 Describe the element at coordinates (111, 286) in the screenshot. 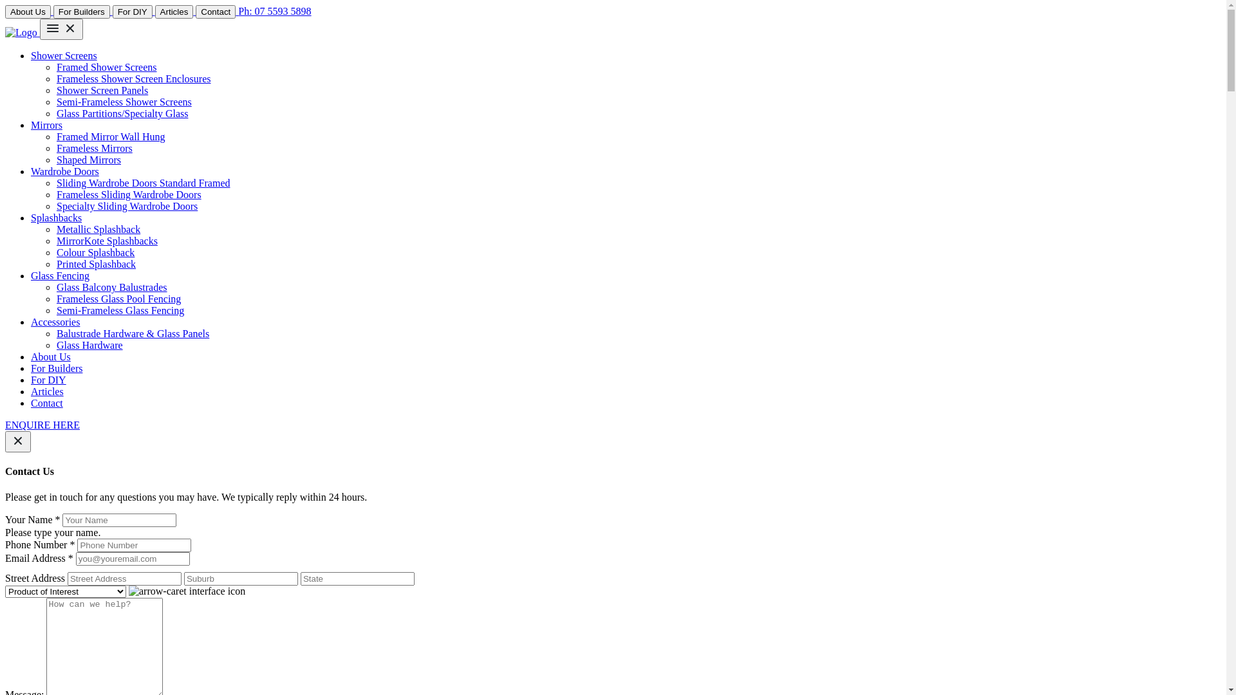

I see `'Glass Balcony Balustrades'` at that location.